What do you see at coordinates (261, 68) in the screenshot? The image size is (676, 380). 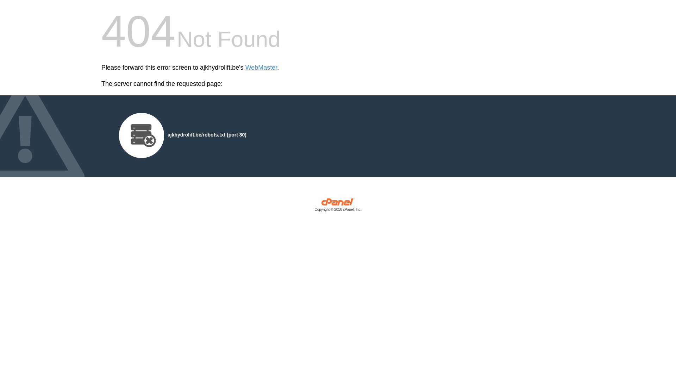 I see `'WebMaster'` at bounding box center [261, 68].